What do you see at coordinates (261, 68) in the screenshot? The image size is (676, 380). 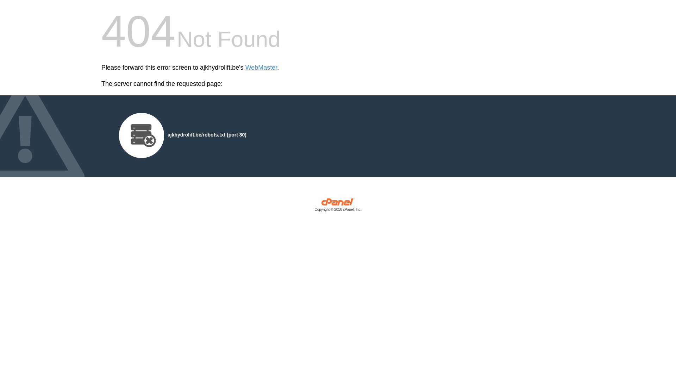 I see `'WebMaster'` at bounding box center [261, 68].